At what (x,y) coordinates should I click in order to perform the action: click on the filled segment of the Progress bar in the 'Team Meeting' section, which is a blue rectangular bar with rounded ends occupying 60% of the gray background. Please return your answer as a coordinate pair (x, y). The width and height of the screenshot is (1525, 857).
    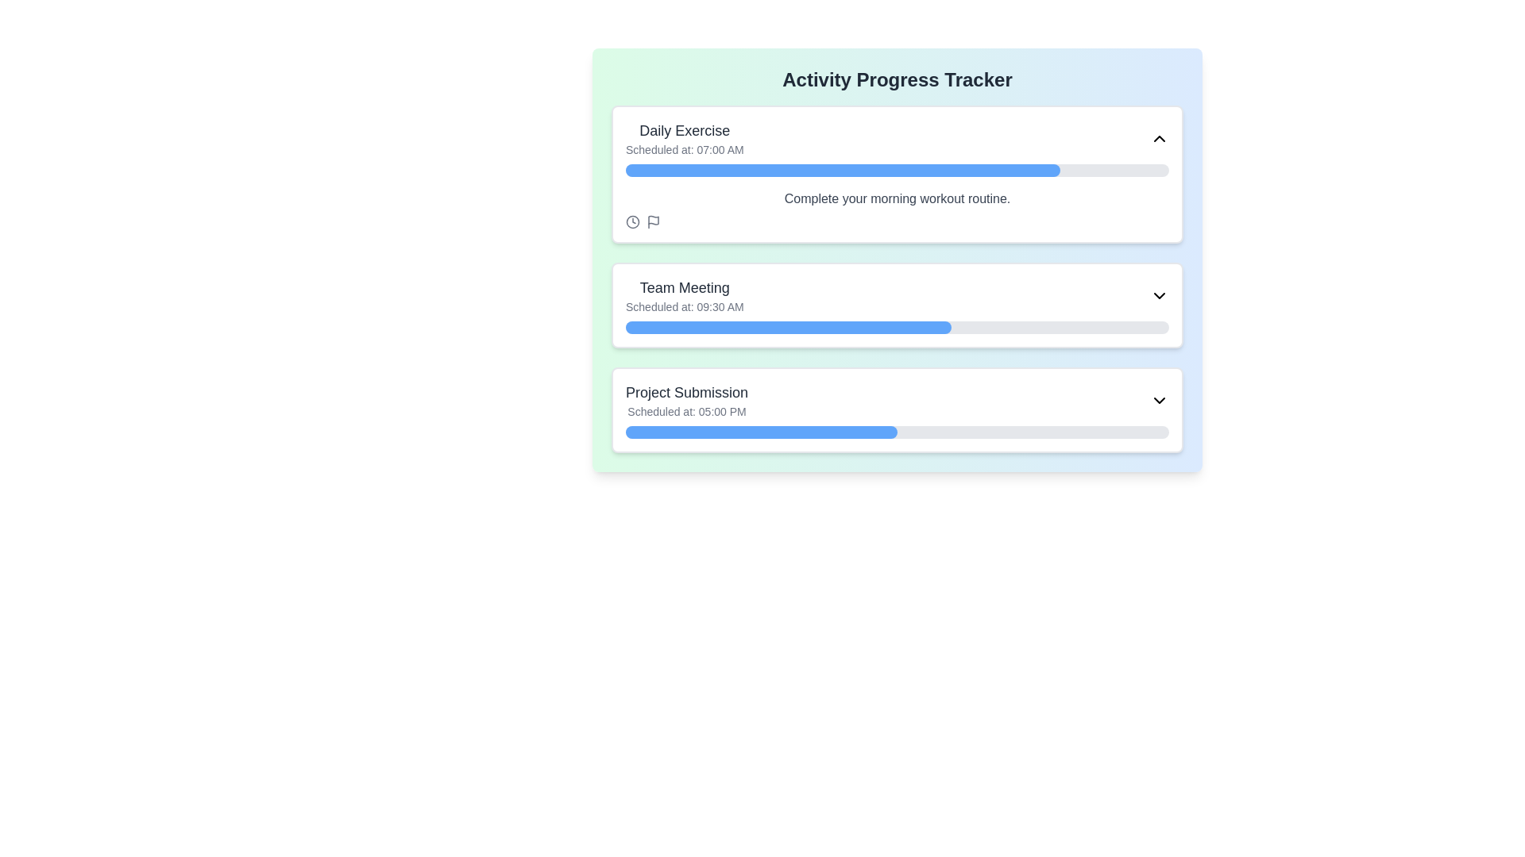
    Looking at the image, I should click on (789, 326).